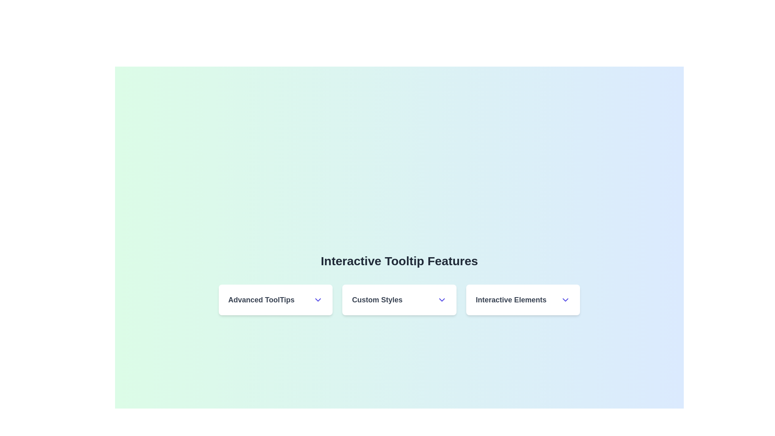 Image resolution: width=775 pixels, height=436 pixels. I want to click on the Text label indicating the current section under 'Custom Styles', located between 'Advanced ToolTips' and 'Interactive Elements', so click(377, 300).